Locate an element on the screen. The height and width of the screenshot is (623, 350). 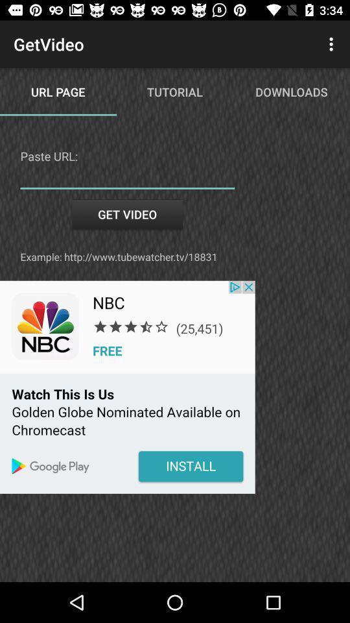
share url is located at coordinates (127, 178).